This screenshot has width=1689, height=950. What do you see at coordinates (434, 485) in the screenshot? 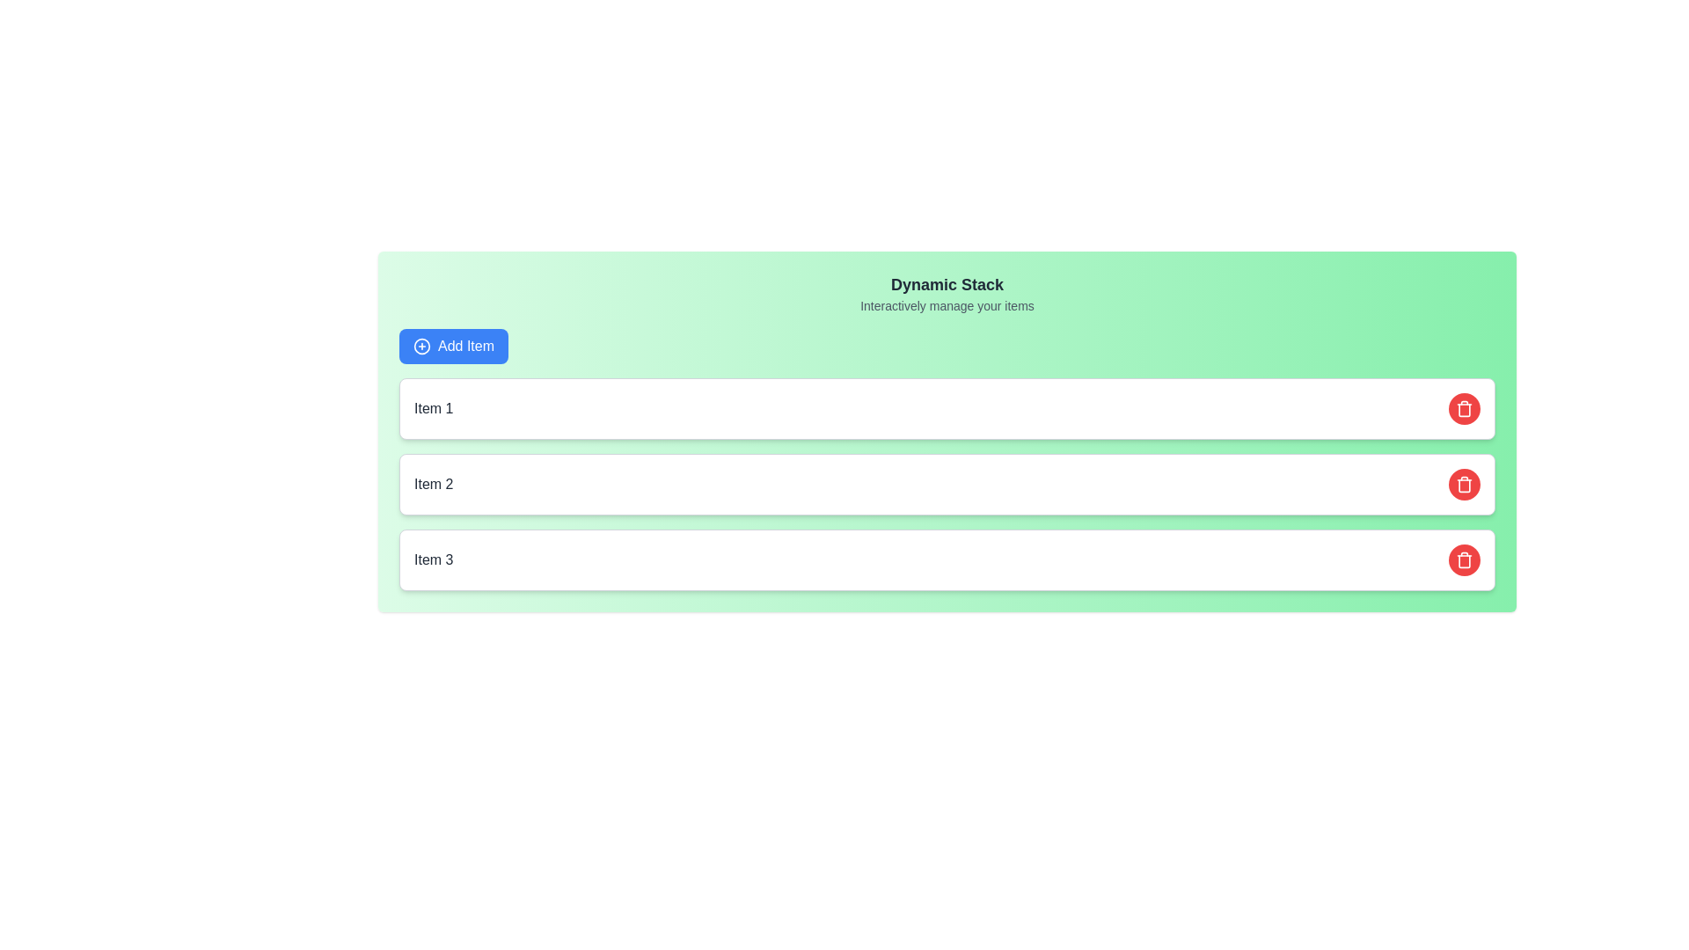
I see `the text label that displays 'Item 2', which is located in a light-green card below the 'Add Item' button` at bounding box center [434, 485].